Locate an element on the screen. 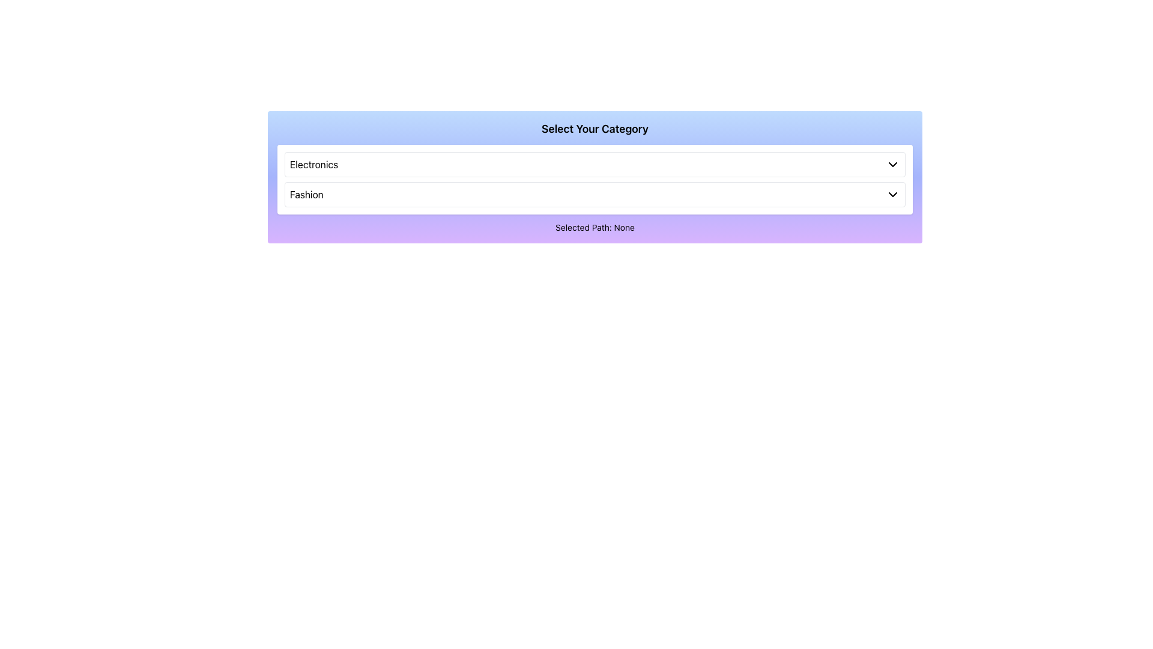 Image resolution: width=1153 pixels, height=649 pixels. the Fashion category dropdown icon located at the rightmost edge of the horizontal selection area is located at coordinates (893, 194).